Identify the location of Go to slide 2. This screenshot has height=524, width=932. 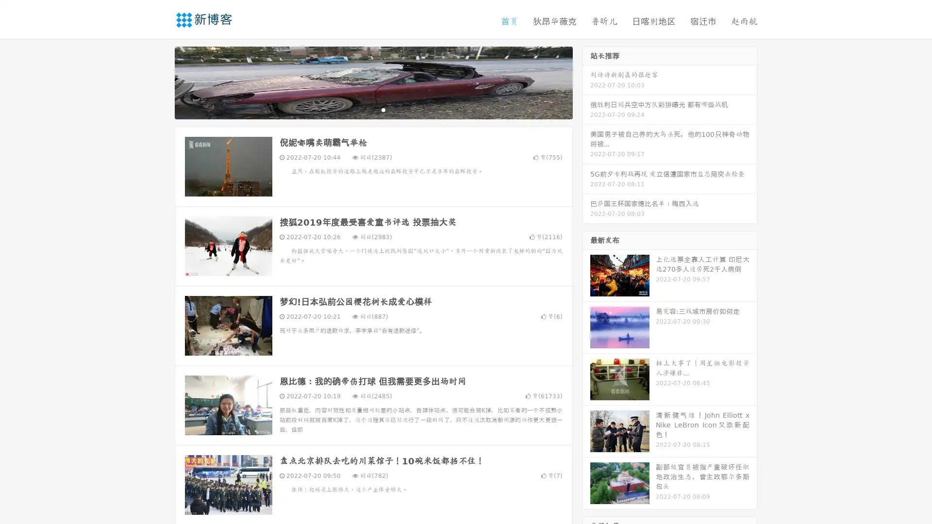
(373, 109).